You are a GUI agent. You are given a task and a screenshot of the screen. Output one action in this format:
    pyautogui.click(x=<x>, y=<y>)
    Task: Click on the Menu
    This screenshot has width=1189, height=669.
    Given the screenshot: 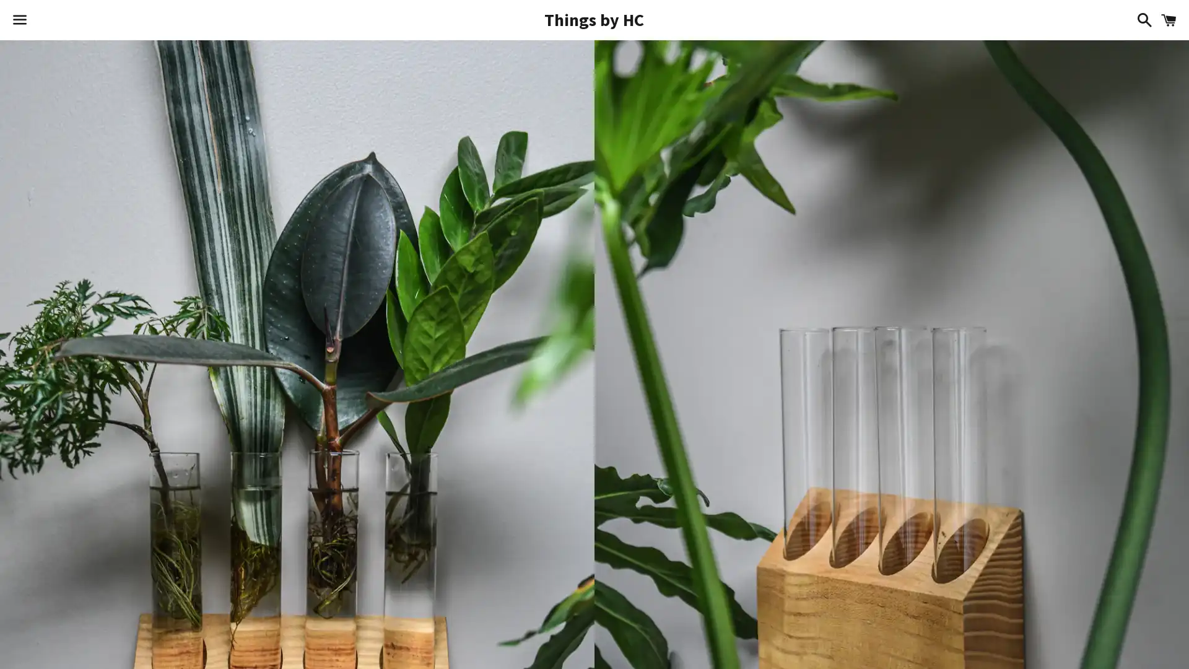 What is the action you would take?
    pyautogui.click(x=20, y=19)
    